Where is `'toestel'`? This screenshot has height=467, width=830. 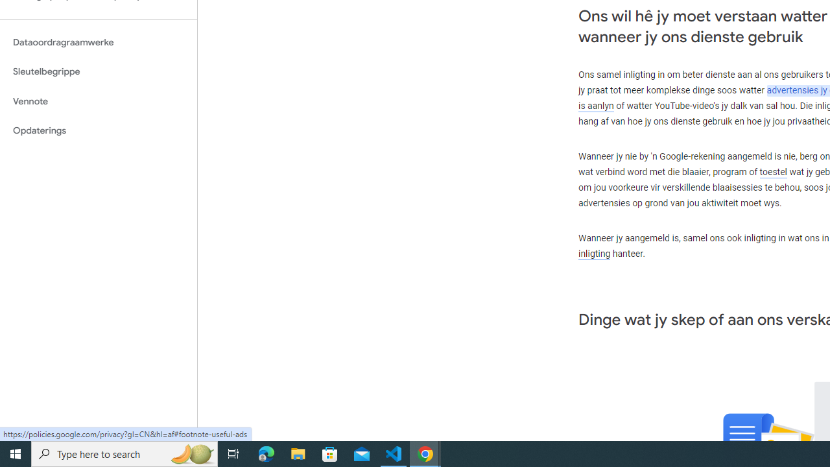 'toestel' is located at coordinates (773, 171).